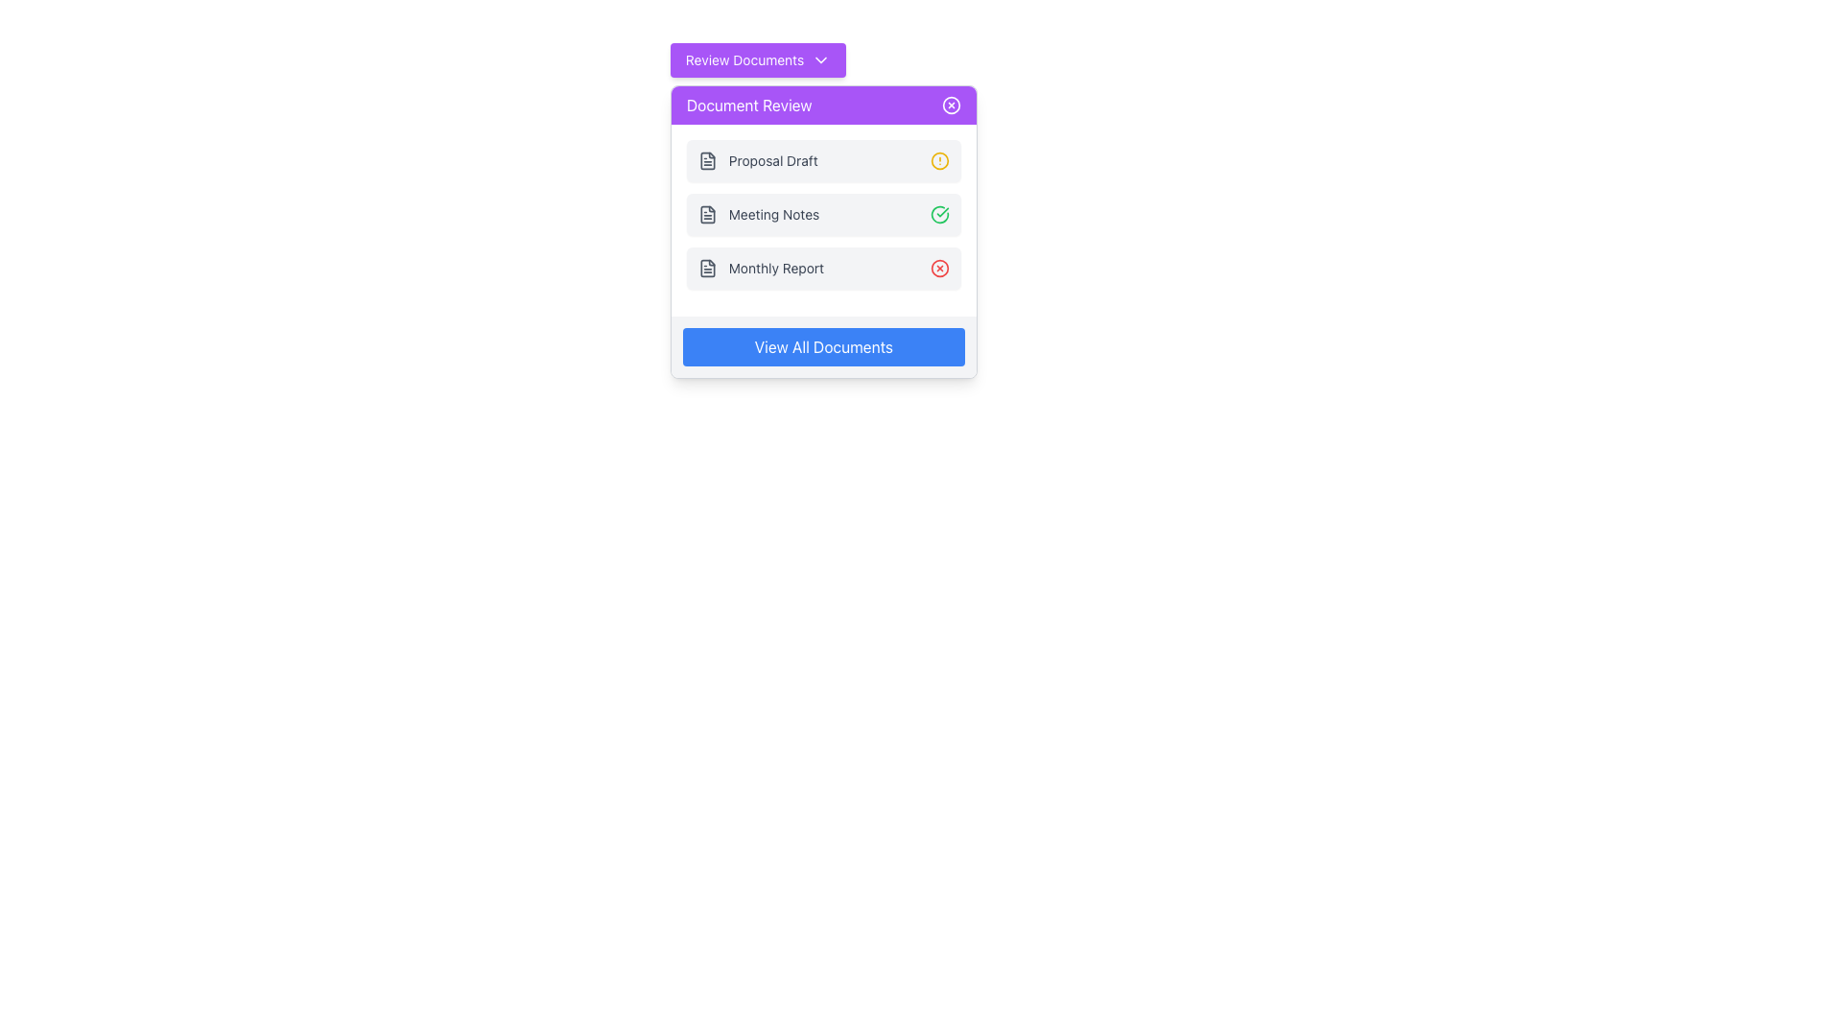 The height and width of the screenshot is (1036, 1842). Describe the element at coordinates (823, 347) in the screenshot. I see `the button located at the bottom of the 'Document Review' panel` at that location.